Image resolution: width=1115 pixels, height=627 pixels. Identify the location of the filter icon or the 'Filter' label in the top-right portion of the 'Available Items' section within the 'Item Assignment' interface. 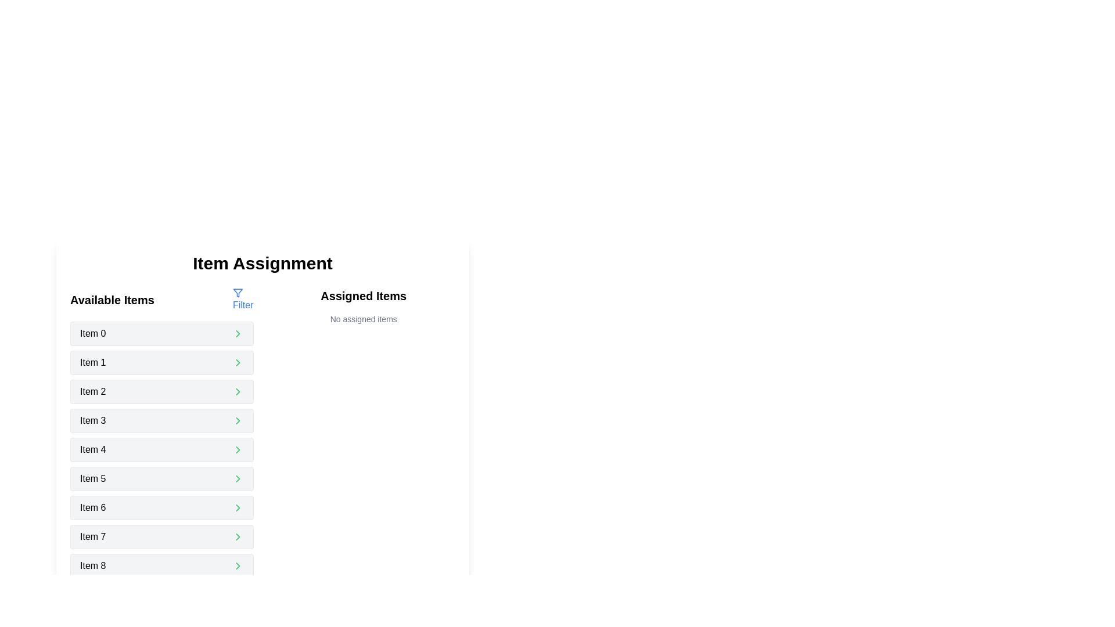
(242, 299).